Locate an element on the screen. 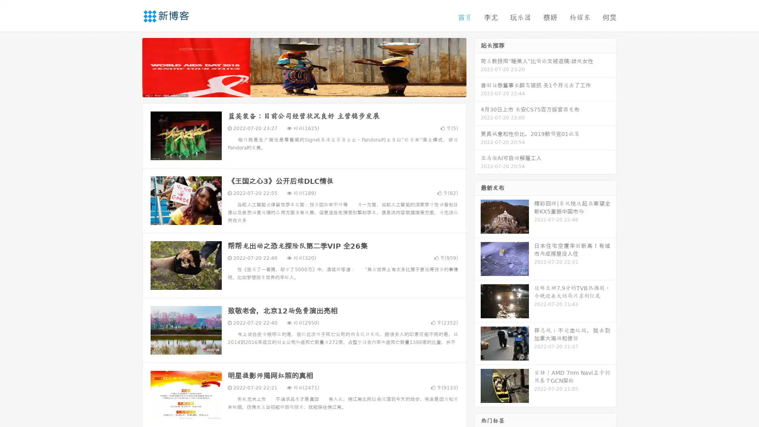  Next slide is located at coordinates (478, 66).